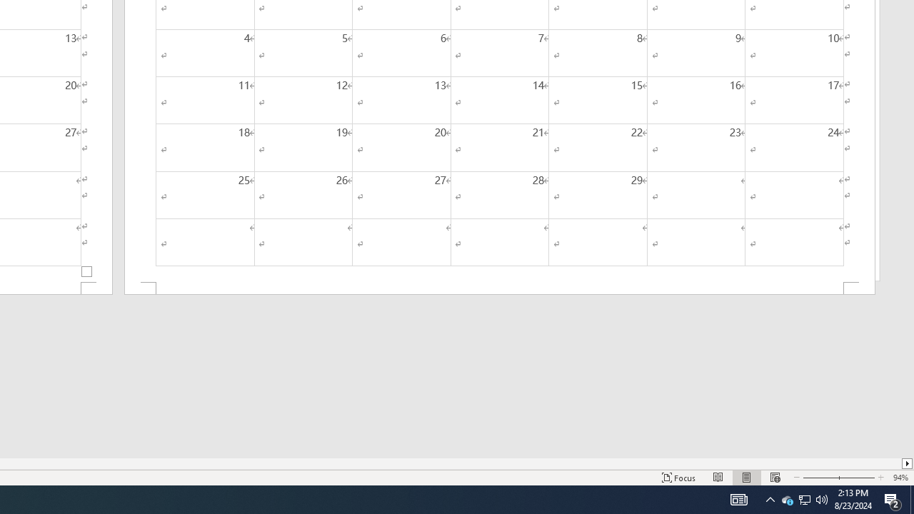 Image resolution: width=914 pixels, height=514 pixels. What do you see at coordinates (500, 288) in the screenshot?
I see `'Footer -Section 2-'` at bounding box center [500, 288].